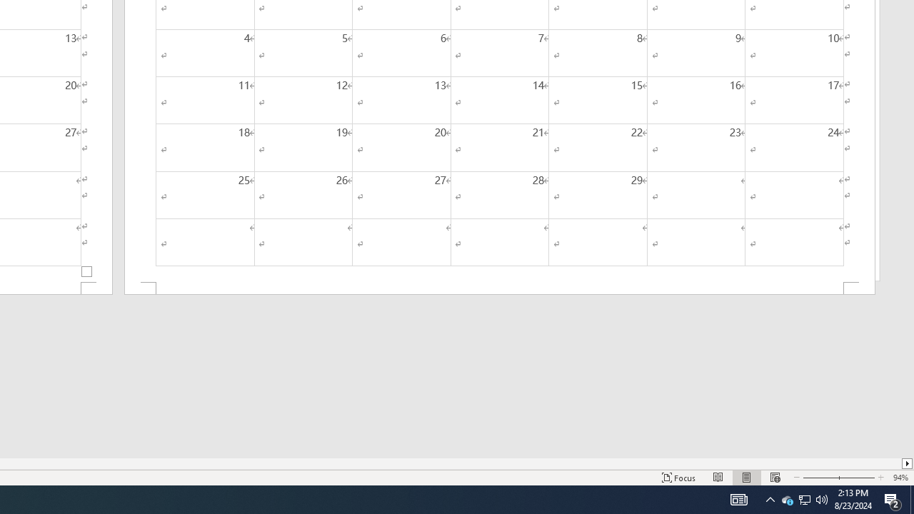 Image resolution: width=914 pixels, height=514 pixels. What do you see at coordinates (500, 288) in the screenshot?
I see `'Footer -Section 2-'` at bounding box center [500, 288].